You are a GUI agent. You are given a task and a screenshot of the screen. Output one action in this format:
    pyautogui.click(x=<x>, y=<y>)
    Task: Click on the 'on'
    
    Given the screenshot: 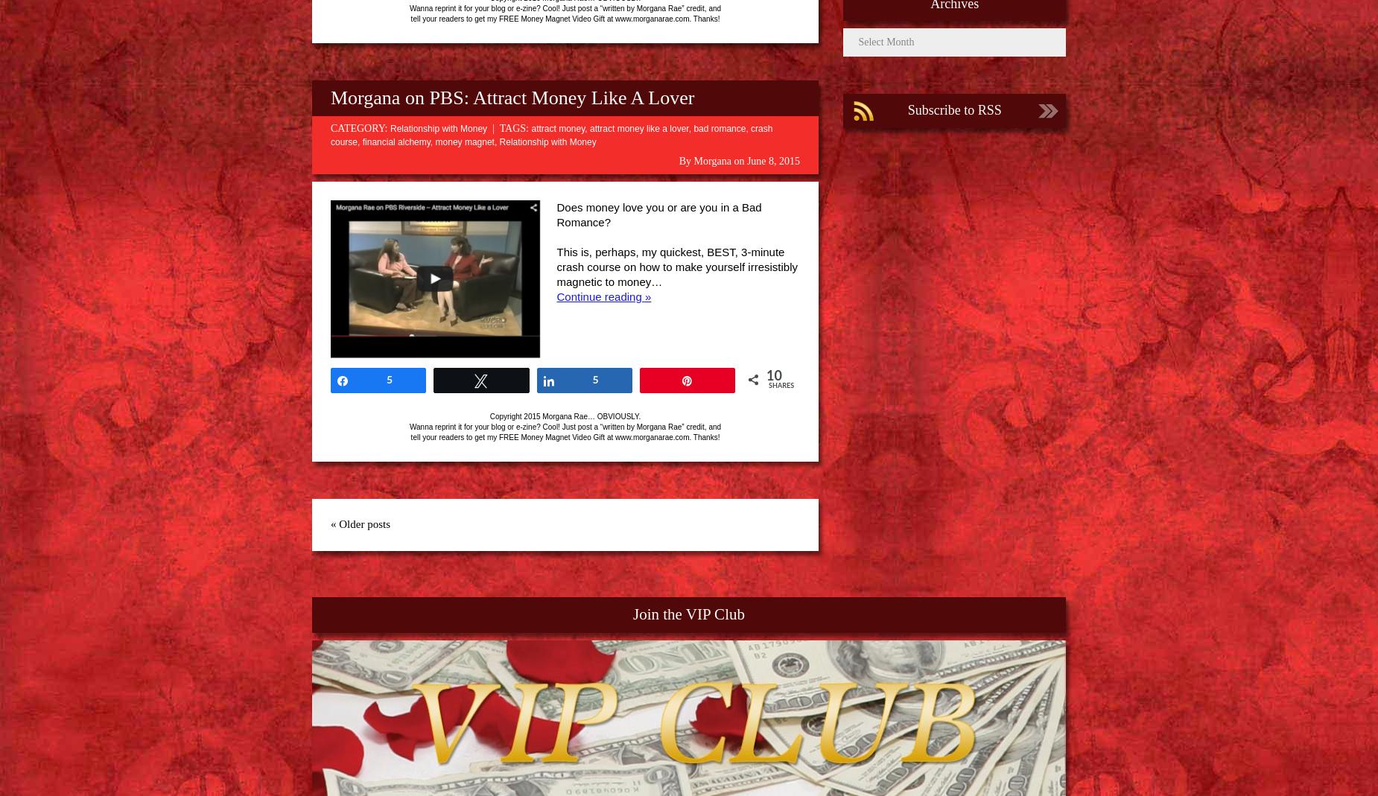 What is the action you would take?
    pyautogui.click(x=737, y=160)
    